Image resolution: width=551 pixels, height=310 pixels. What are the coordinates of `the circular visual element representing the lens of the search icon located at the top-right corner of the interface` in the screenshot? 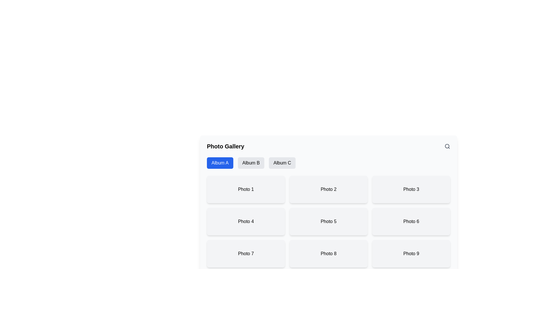 It's located at (447, 146).